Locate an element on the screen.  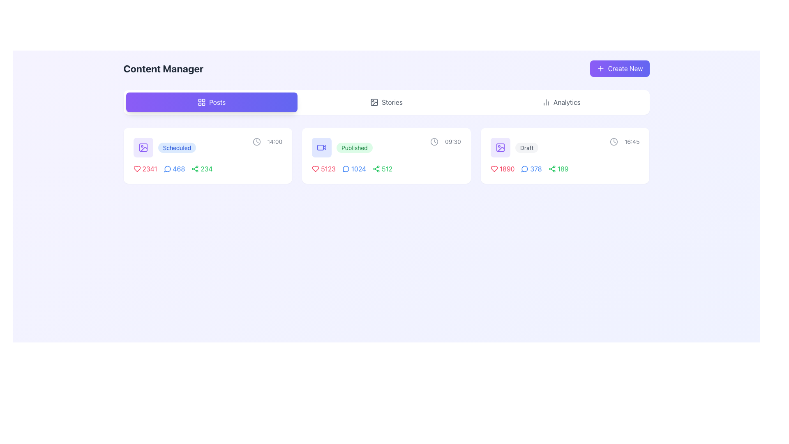
contents of the text label displaying '234', which is green and bold, located in the card layout of a scheduled post, specifically on the bottom row adjacent to a share icon is located at coordinates (206, 169).